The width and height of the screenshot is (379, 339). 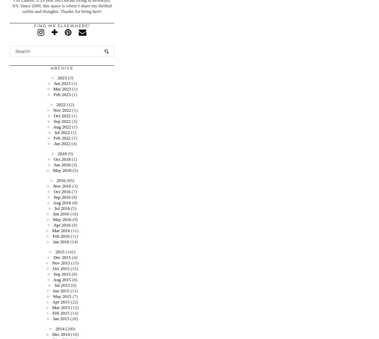 I want to click on 'Jun 2018', so click(x=61, y=164).